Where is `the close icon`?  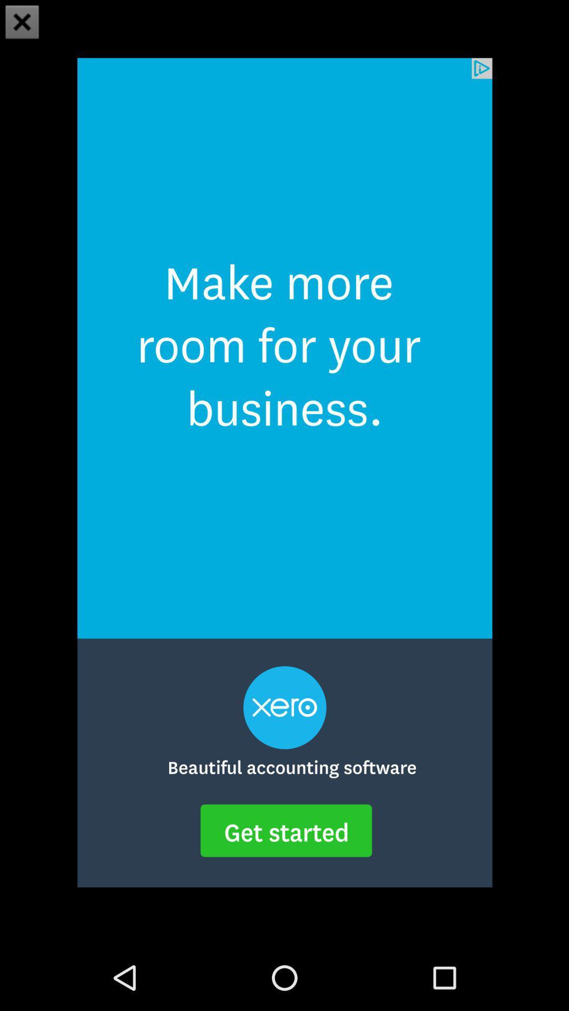 the close icon is located at coordinates (22, 23).